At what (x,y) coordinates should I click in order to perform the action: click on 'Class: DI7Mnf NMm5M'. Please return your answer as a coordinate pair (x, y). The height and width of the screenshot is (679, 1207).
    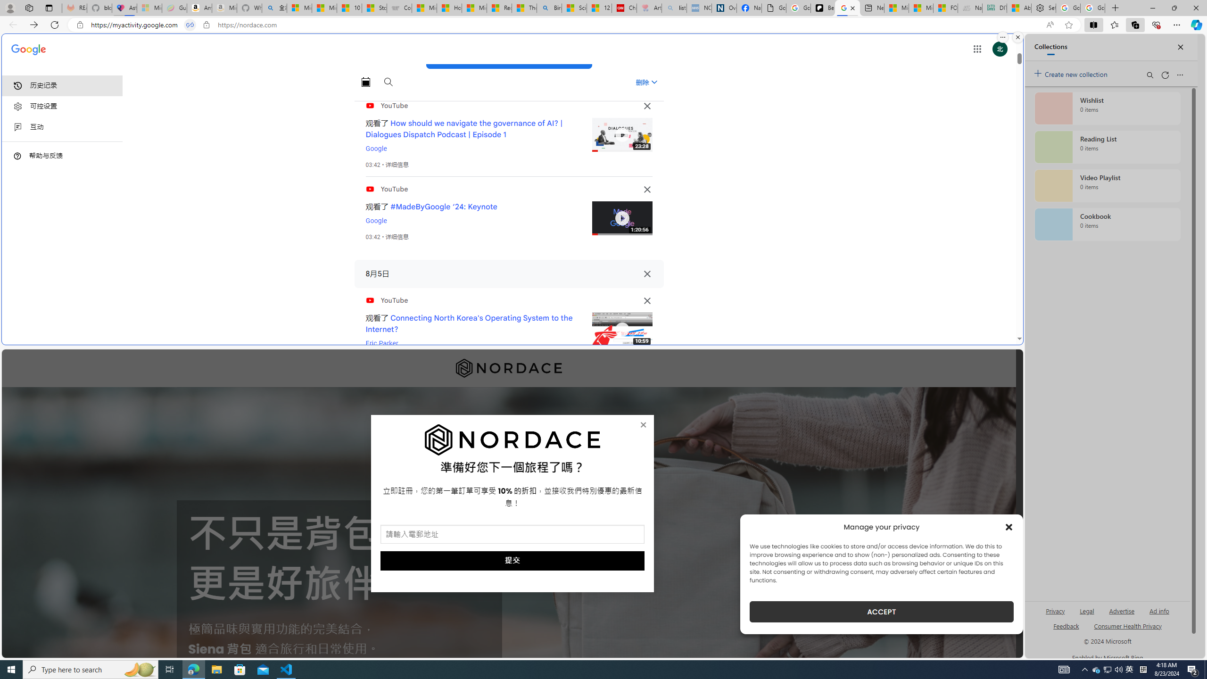
    Looking at the image, I should click on (646, 274).